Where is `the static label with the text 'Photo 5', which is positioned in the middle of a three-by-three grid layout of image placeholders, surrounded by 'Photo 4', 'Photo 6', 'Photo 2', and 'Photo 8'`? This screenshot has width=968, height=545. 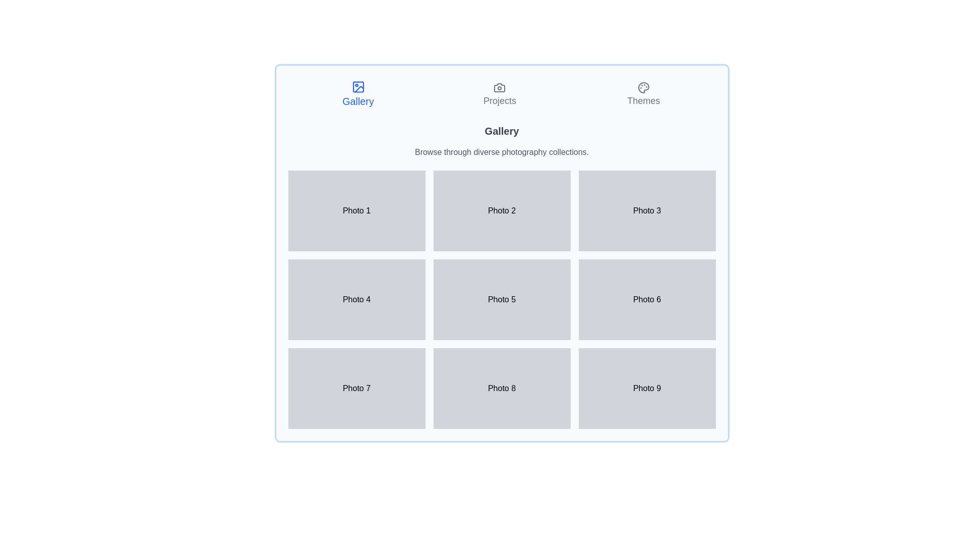 the static label with the text 'Photo 5', which is positioned in the middle of a three-by-three grid layout of image placeholders, surrounded by 'Photo 4', 'Photo 6', 'Photo 2', and 'Photo 8' is located at coordinates (502, 299).